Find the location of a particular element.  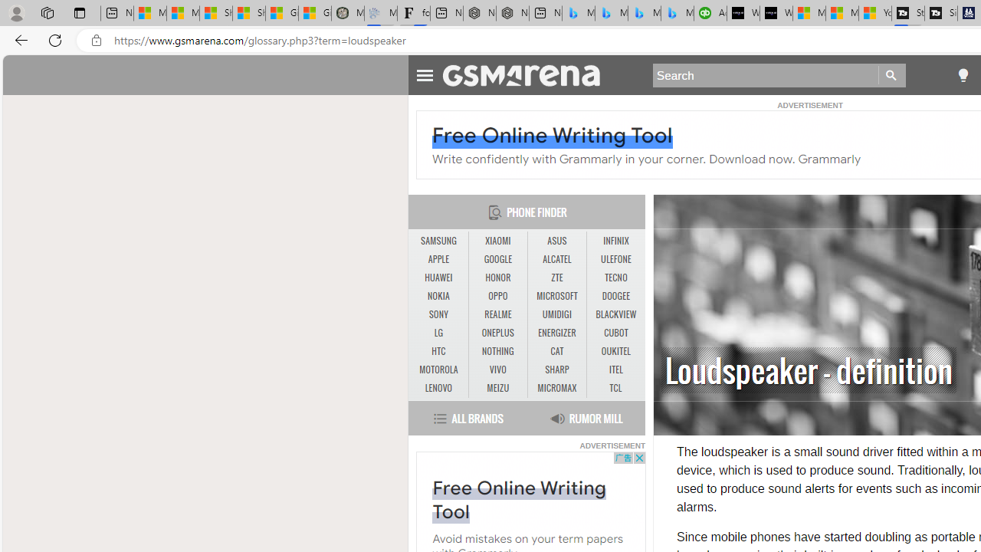

'CUBOT' is located at coordinates (615, 332).